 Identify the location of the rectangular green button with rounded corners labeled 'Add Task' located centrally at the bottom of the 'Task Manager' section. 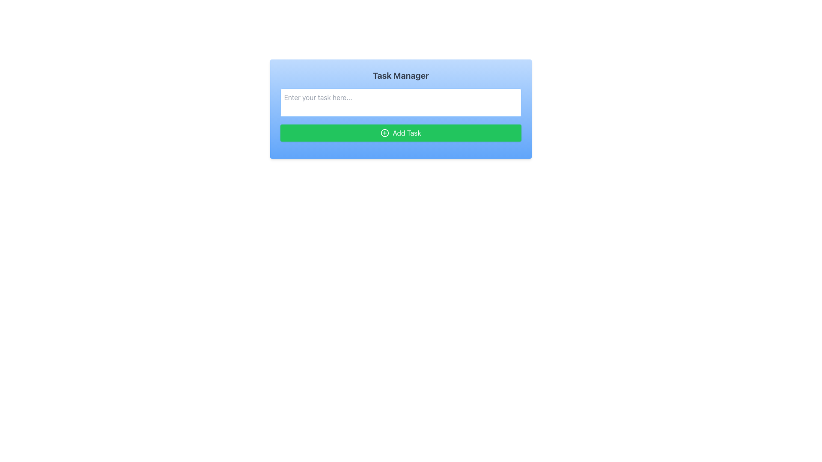
(400, 133).